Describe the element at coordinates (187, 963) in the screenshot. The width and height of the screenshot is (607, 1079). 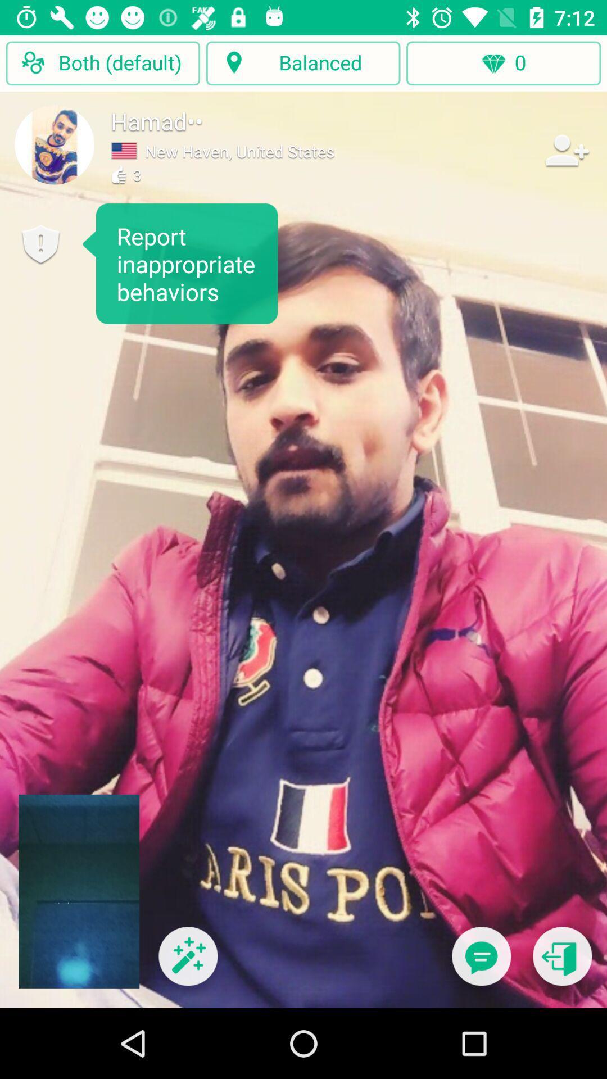
I see `effects` at that location.